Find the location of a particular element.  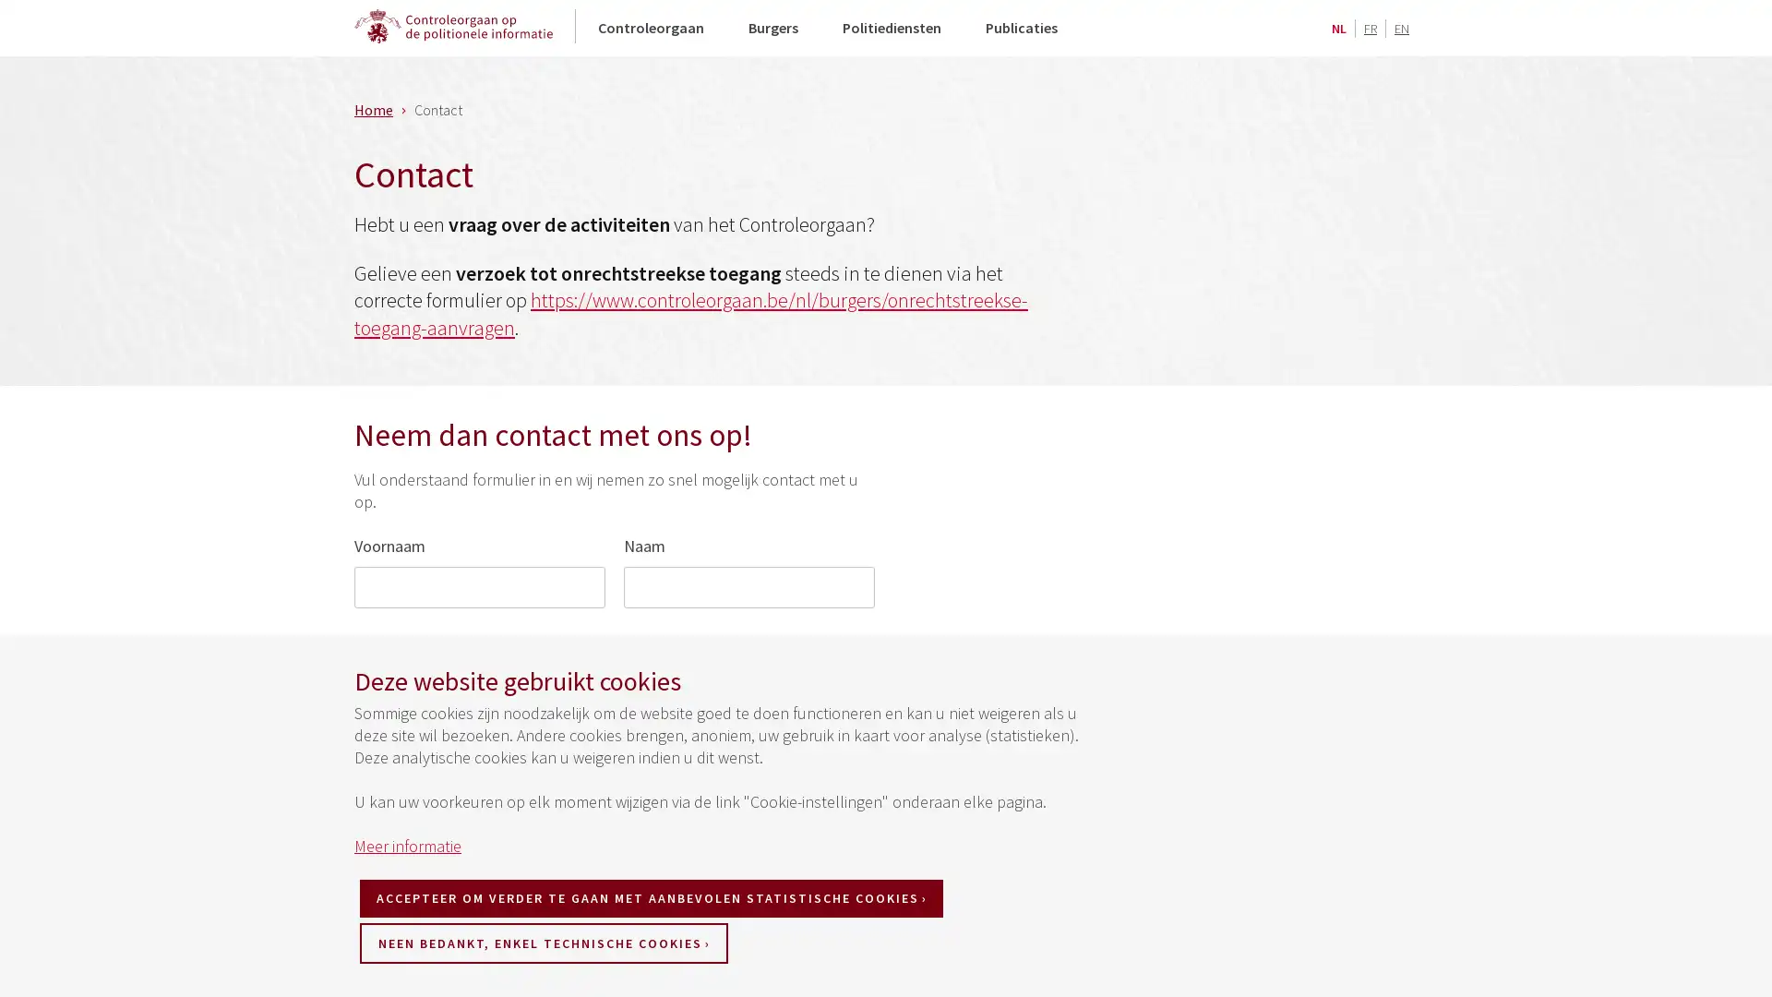

VERZENDEN is located at coordinates (411, 967).